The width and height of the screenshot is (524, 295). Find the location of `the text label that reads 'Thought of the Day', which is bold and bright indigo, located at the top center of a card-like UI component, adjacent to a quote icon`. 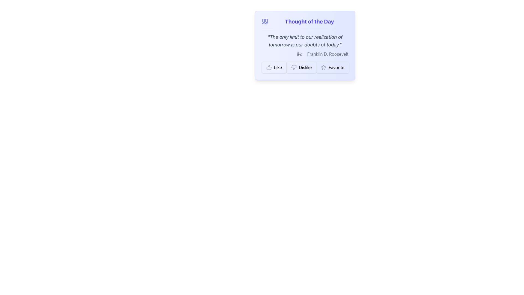

the text label that reads 'Thought of the Day', which is bold and bright indigo, located at the top center of a card-like UI component, adjacent to a quote icon is located at coordinates (309, 21).